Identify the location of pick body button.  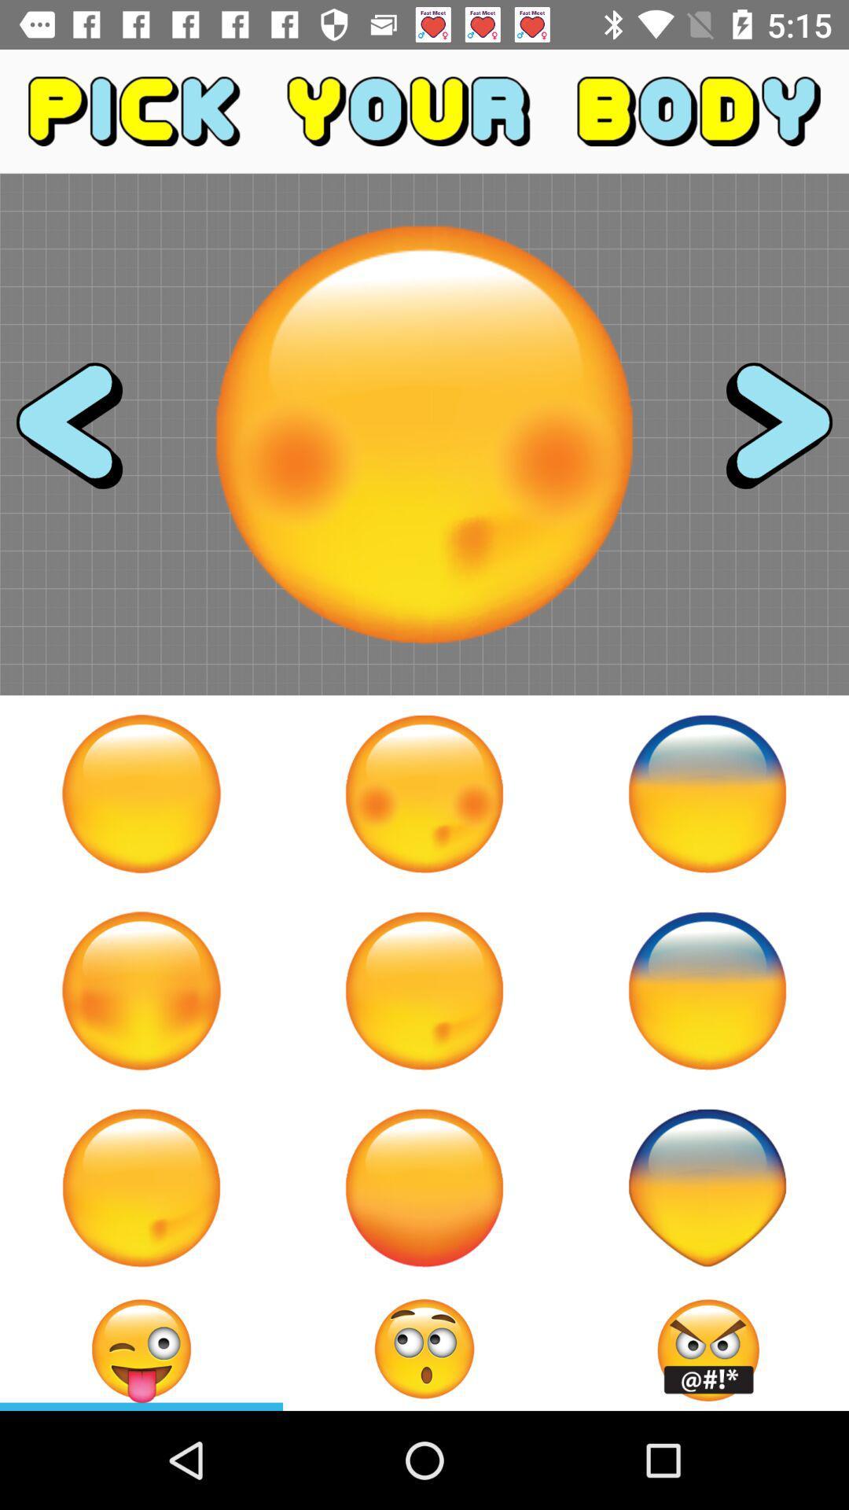
(706, 989).